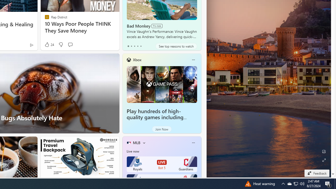 The image size is (336, 189). What do you see at coordinates (193, 143) in the screenshot?
I see `'More options'` at bounding box center [193, 143].